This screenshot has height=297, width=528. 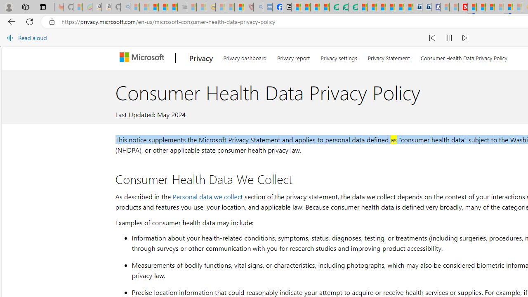 What do you see at coordinates (154, 7) in the screenshot?
I see `'The Weather Channel - MSN'` at bounding box center [154, 7].